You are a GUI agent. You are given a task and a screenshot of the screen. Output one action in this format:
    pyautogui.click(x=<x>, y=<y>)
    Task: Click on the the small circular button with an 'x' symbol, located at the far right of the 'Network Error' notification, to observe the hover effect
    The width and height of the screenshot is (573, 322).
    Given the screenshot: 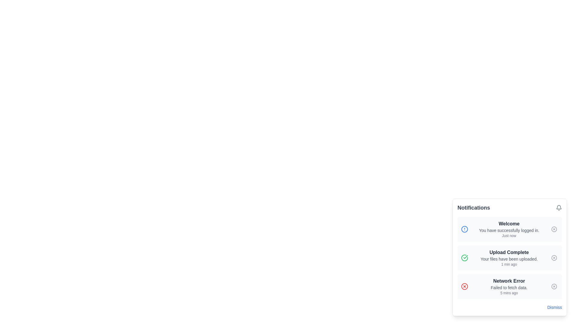 What is the action you would take?
    pyautogui.click(x=554, y=286)
    